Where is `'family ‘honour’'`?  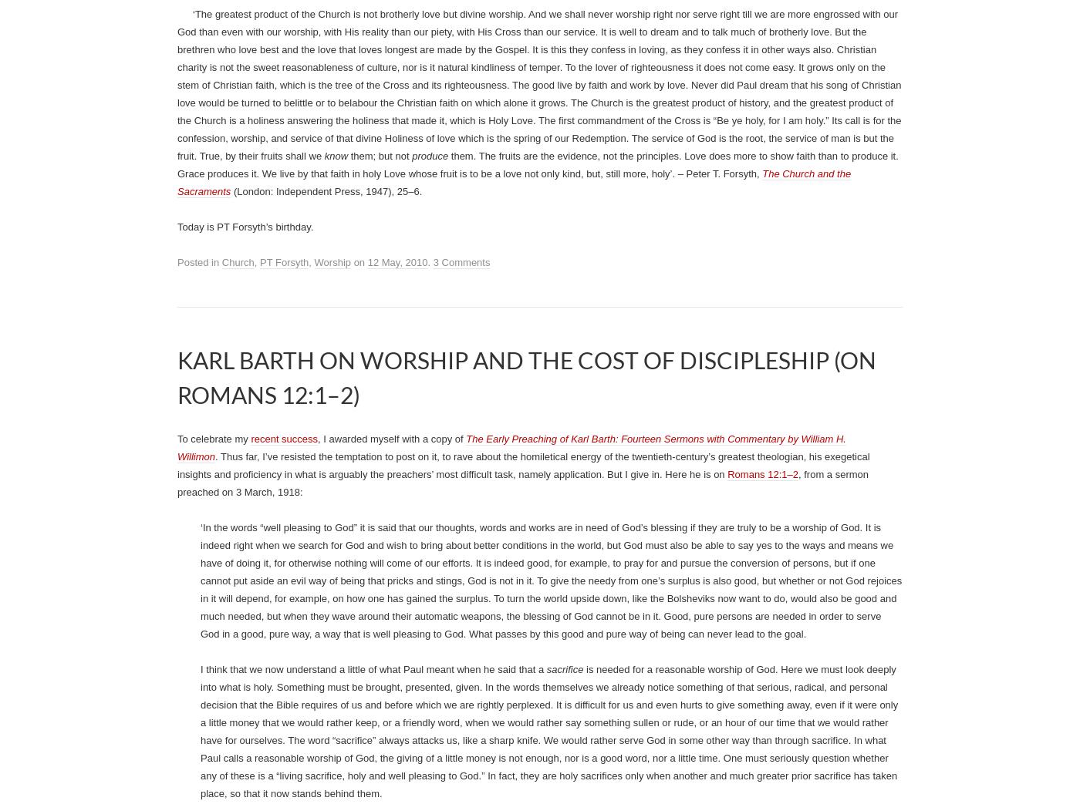
'family ‘honour’' is located at coordinates (475, 79).